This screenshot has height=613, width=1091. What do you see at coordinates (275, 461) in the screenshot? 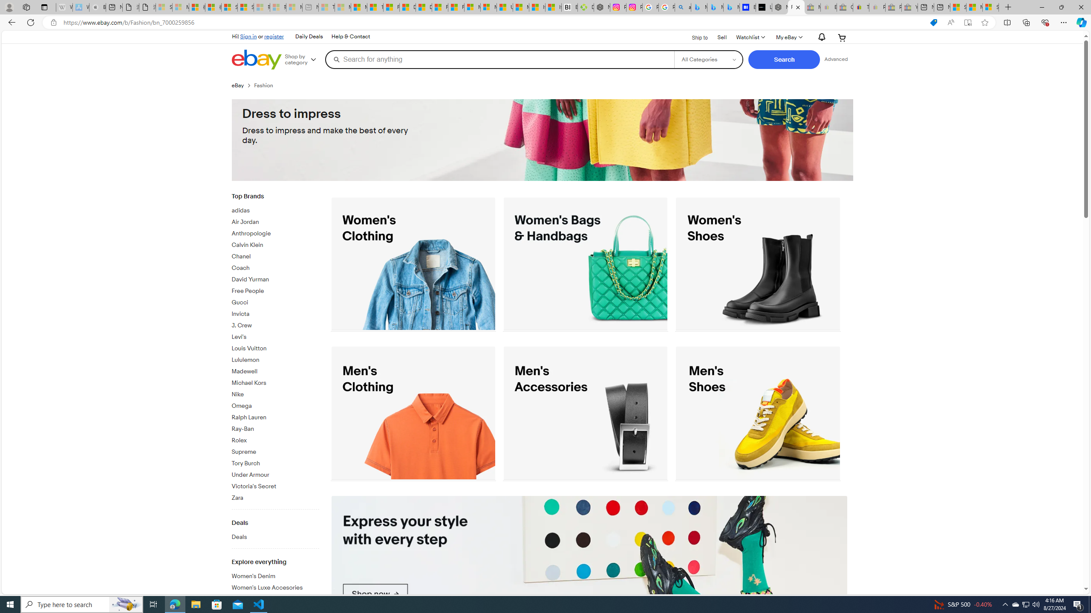
I see `'Tory Burch'` at bounding box center [275, 461].